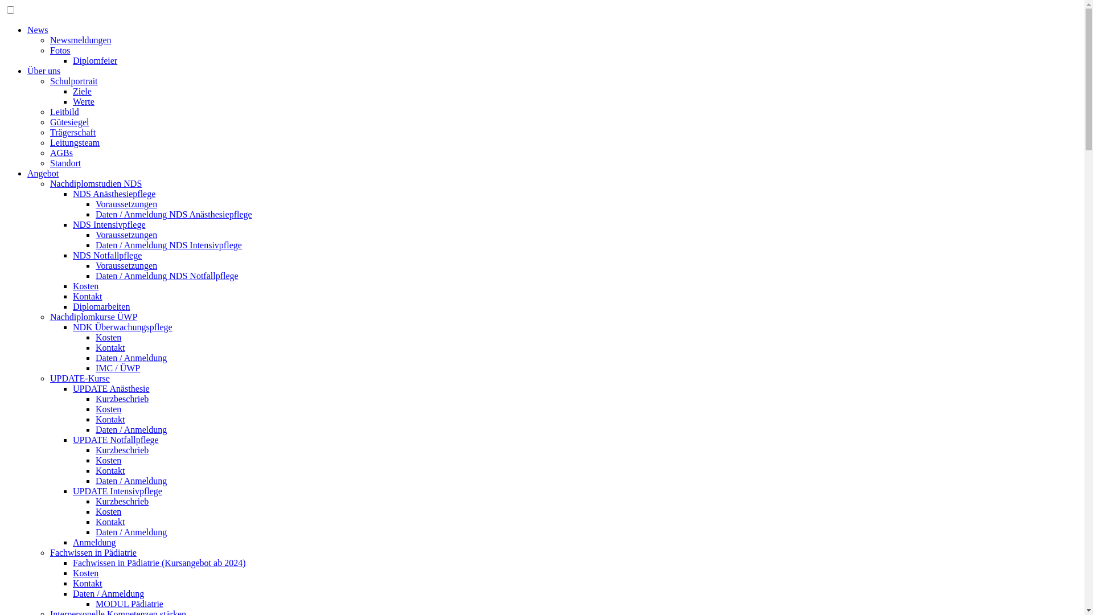  What do you see at coordinates (64, 112) in the screenshot?
I see `'Leitbild'` at bounding box center [64, 112].